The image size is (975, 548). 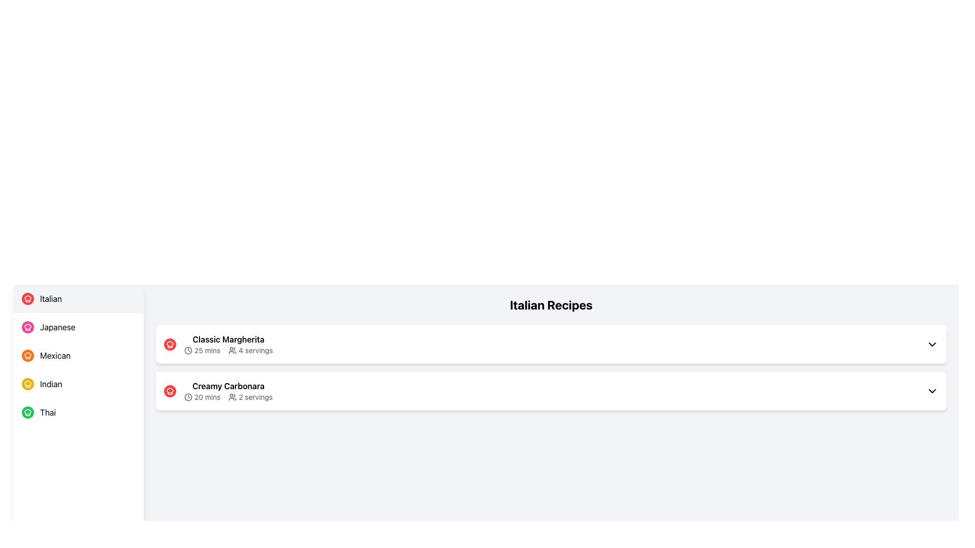 I want to click on the chef's hat icon with a pink background located at the top of the menu list in the left sidebar, associated with the 'Italian' text label, so click(x=27, y=327).